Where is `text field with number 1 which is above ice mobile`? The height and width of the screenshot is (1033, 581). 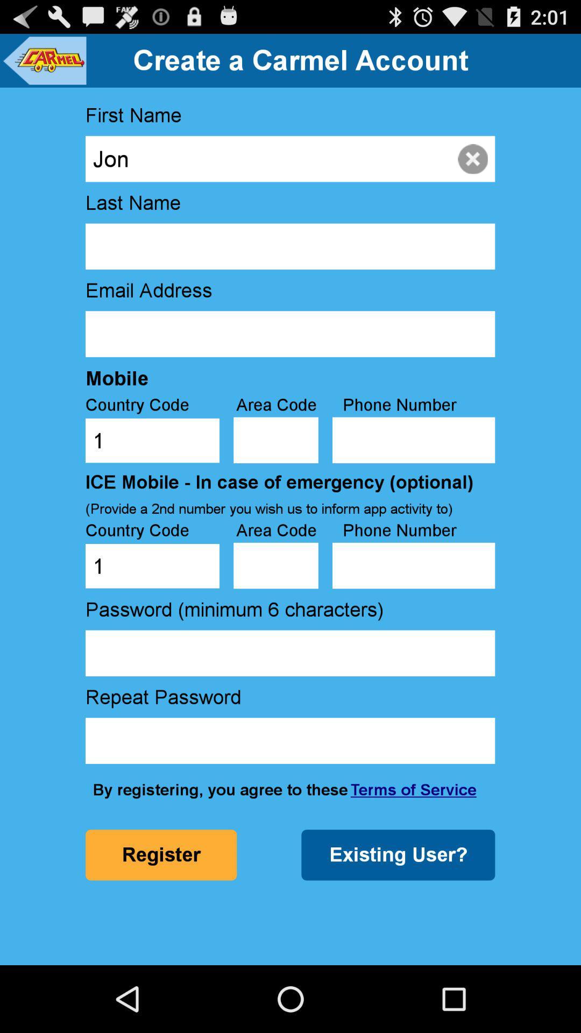
text field with number 1 which is above ice mobile is located at coordinates (152, 441).